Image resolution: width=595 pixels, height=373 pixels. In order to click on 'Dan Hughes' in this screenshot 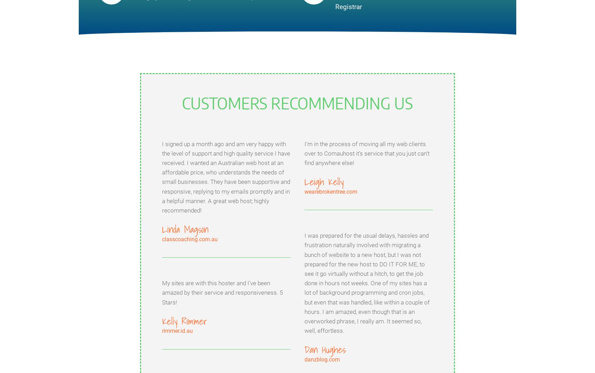, I will do `click(304, 349)`.